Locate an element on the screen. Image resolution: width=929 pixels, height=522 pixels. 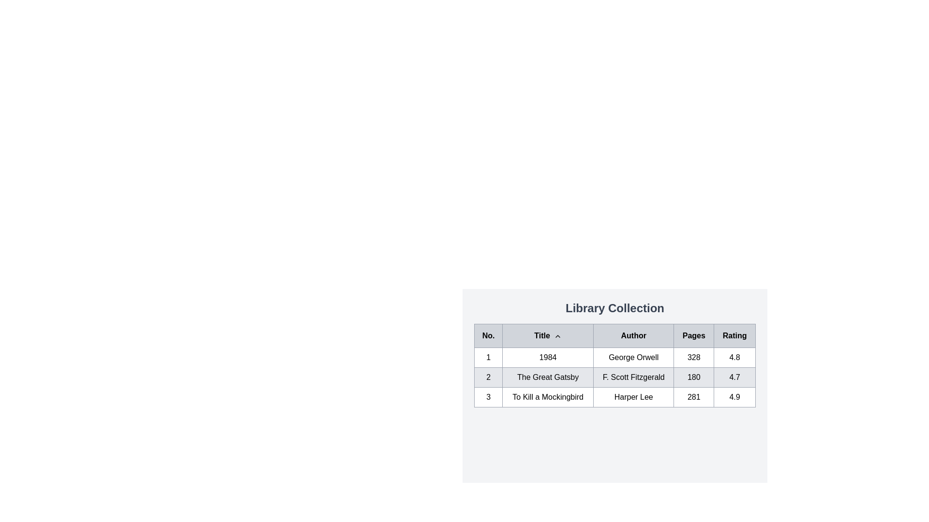
the second row of the table displaying information about 'The Great Gatsby' is located at coordinates (614, 377).